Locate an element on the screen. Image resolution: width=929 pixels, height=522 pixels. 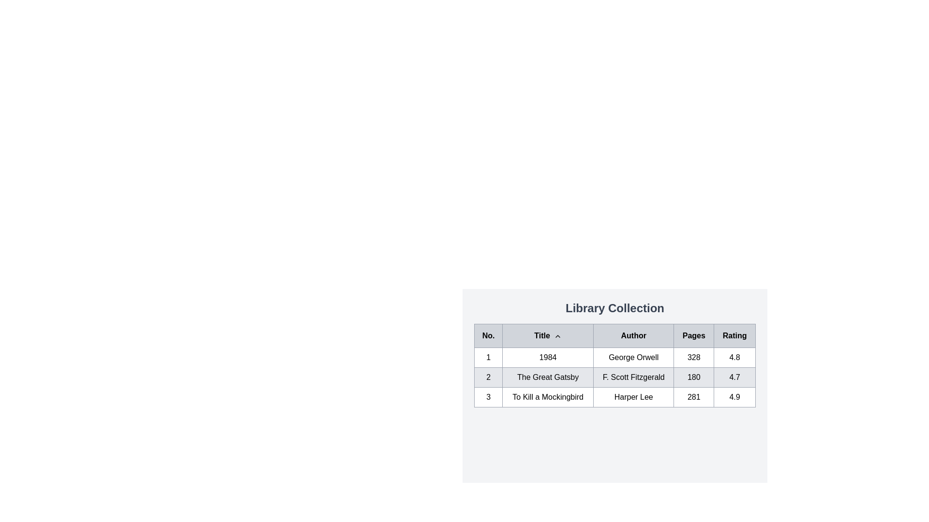
the second row of the table displaying information about 'The Great Gatsby' is located at coordinates (614, 377).